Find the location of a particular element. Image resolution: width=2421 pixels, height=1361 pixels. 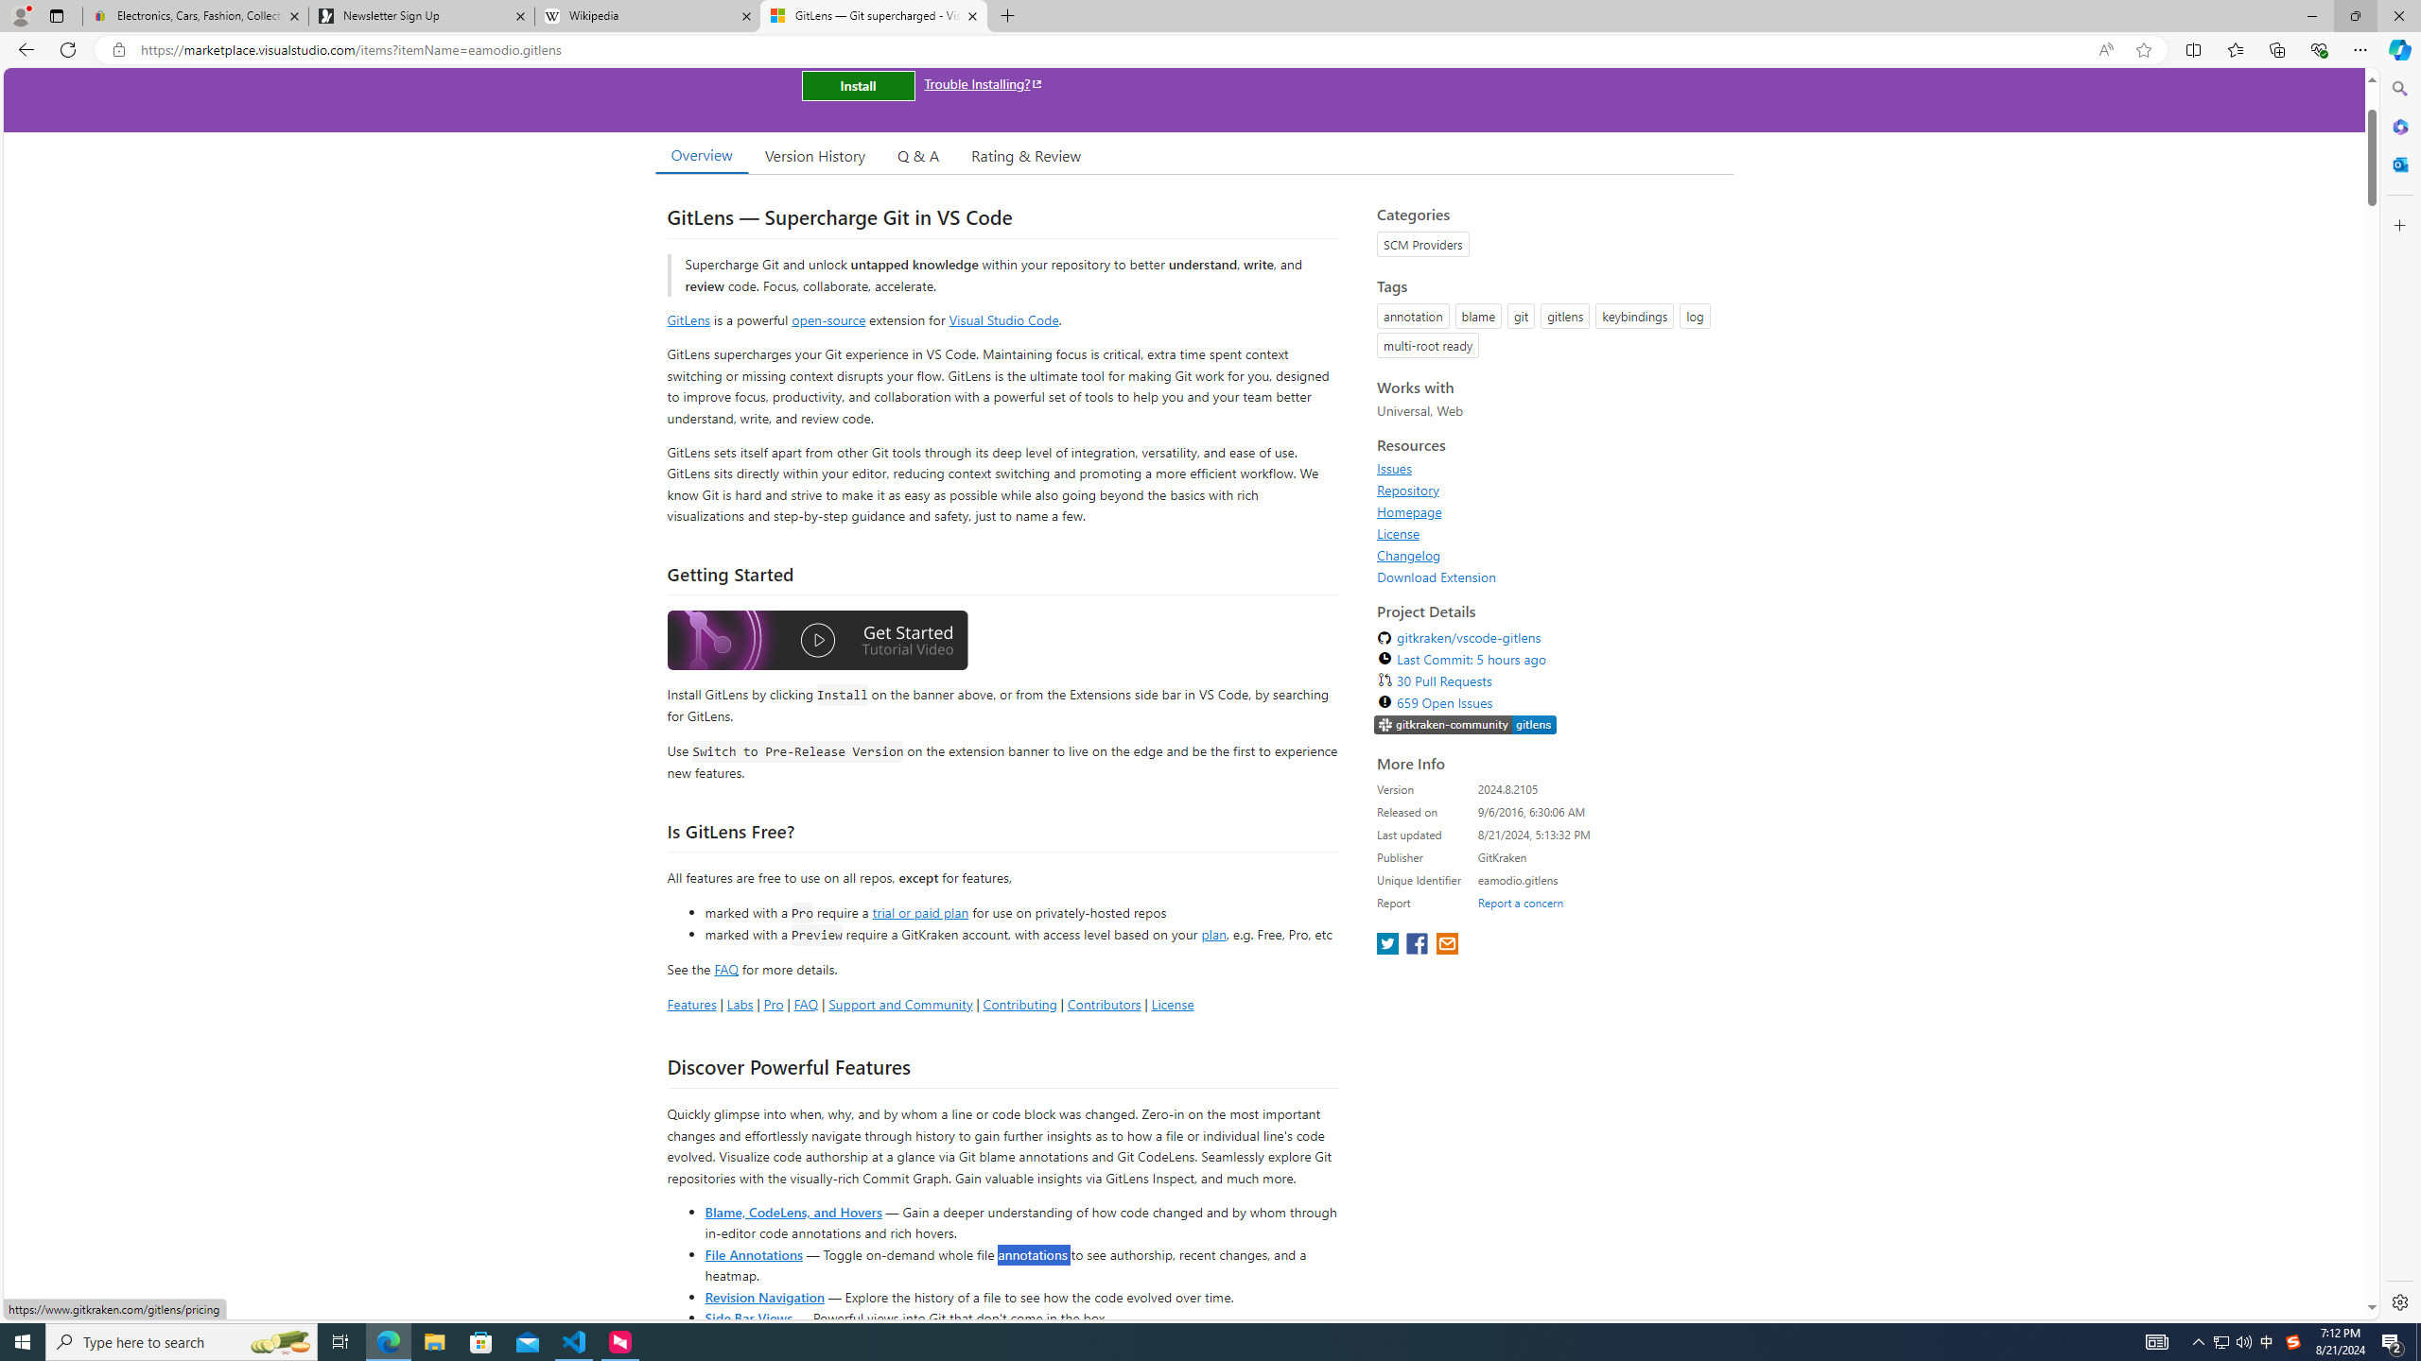

'Support and Community' is located at coordinates (899, 1003).